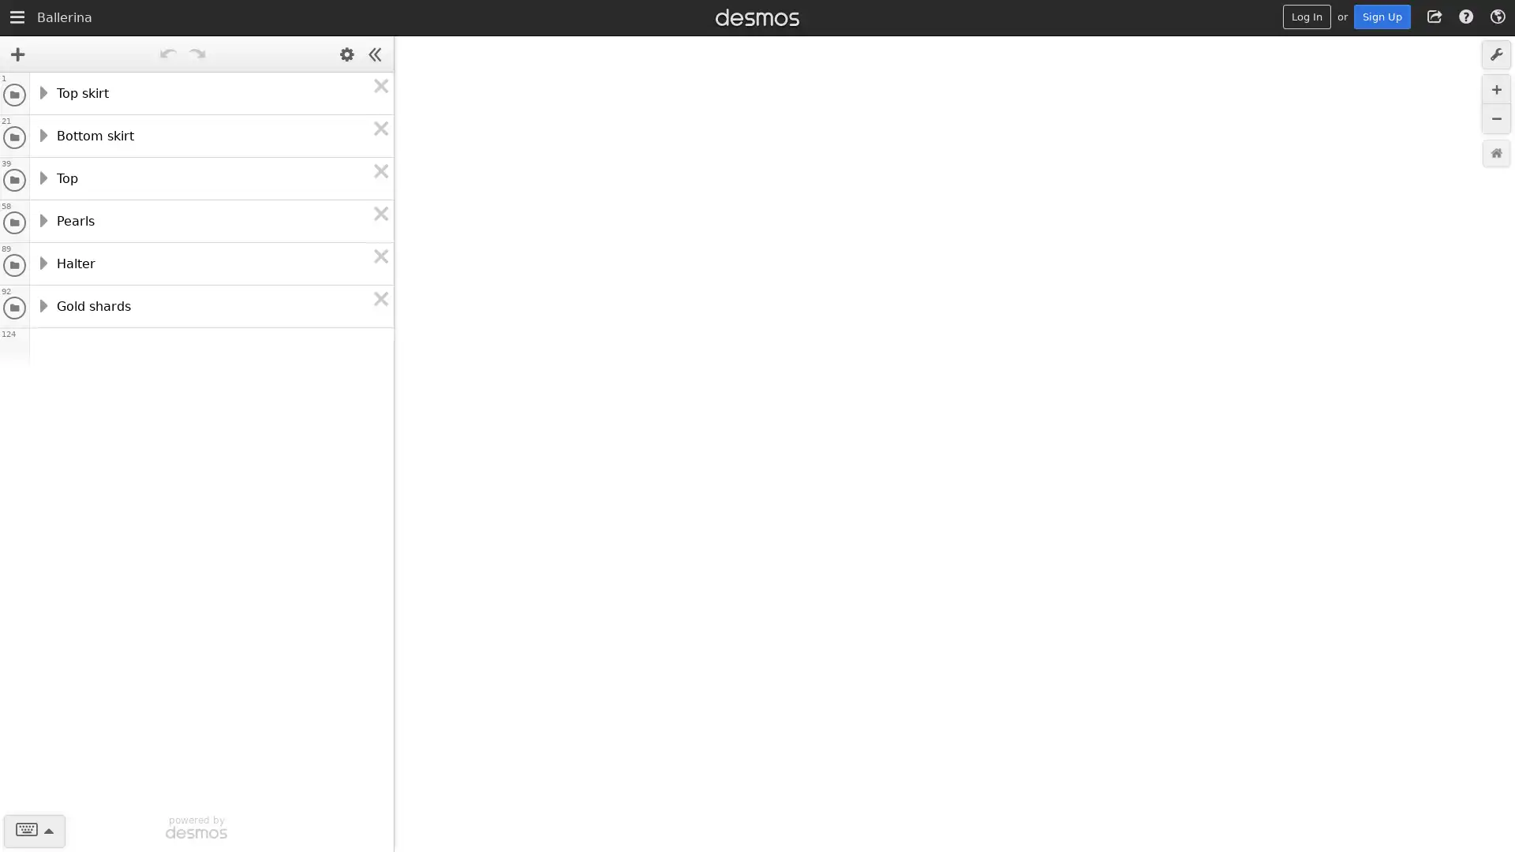  Describe the element at coordinates (346, 54) in the screenshot. I see `Edit Expression List` at that location.